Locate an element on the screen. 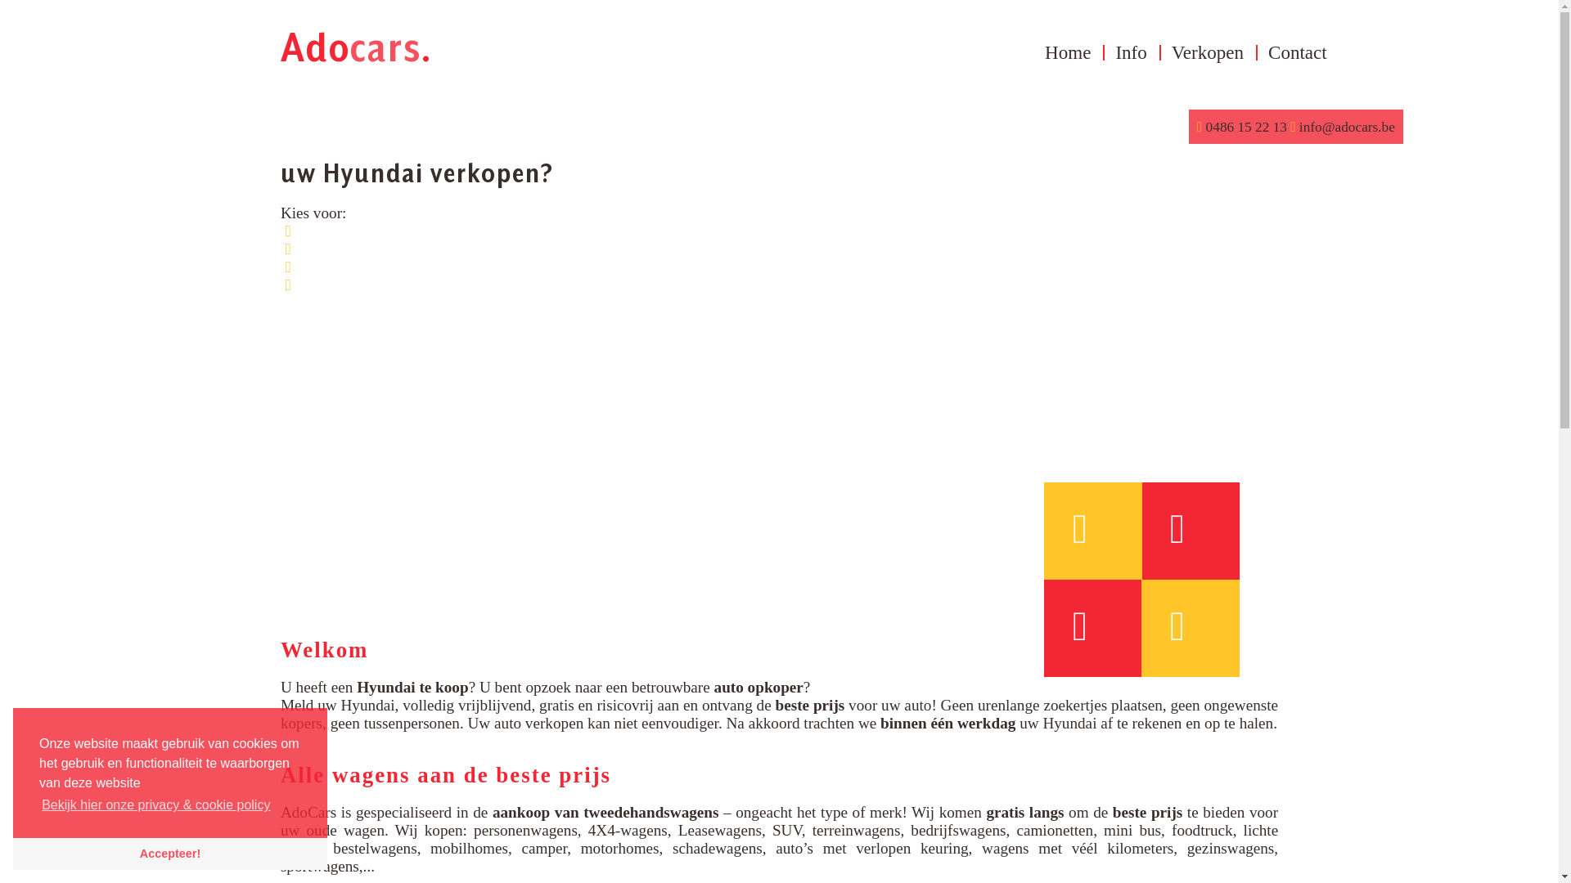 This screenshot has height=883, width=1571. 'camper' is located at coordinates (544, 847).